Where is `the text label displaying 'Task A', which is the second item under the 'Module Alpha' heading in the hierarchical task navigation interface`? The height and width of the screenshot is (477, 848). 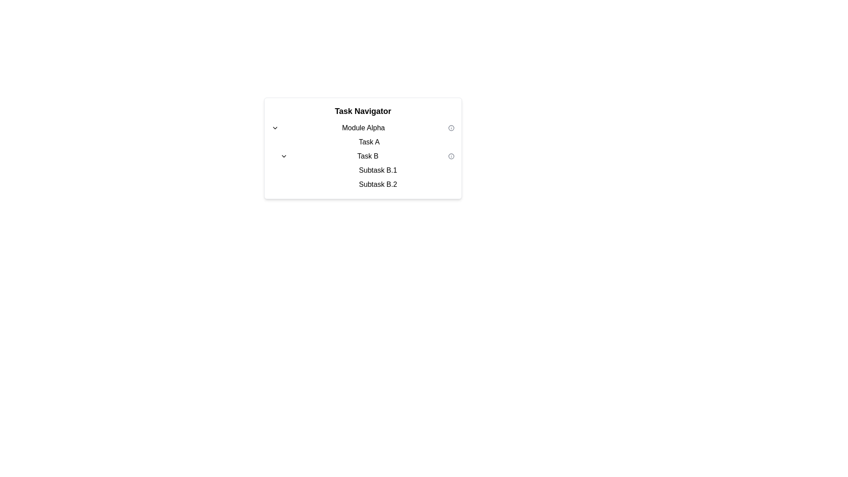
the text label displaying 'Task A', which is the second item under the 'Module Alpha' heading in the hierarchical task navigation interface is located at coordinates (367, 141).